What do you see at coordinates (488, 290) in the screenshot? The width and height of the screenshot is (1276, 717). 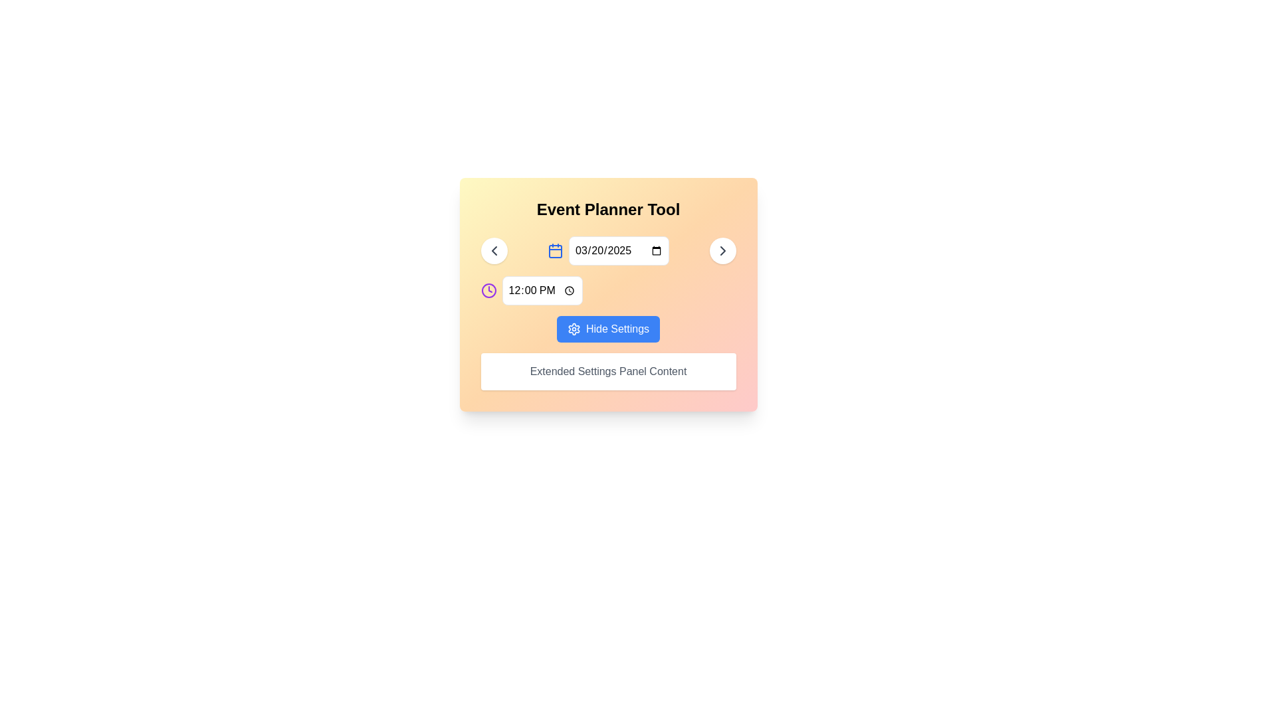 I see `the clock icon located in the 'Event Planner Tool' interface, which is positioned to the left of the time input field displaying '12:00 PM'` at bounding box center [488, 290].